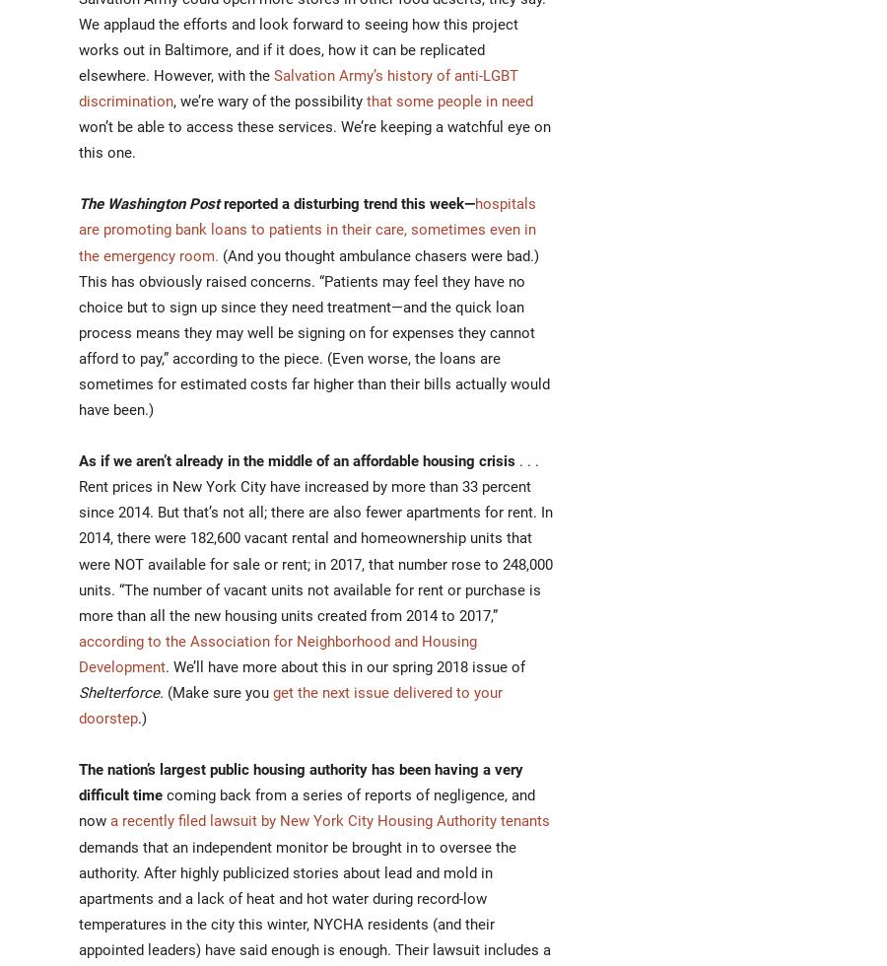 This screenshot has width=887, height=966. I want to click on 'won’t be able to access these services. We’re keeping a watchful eye on this one.', so click(313, 140).